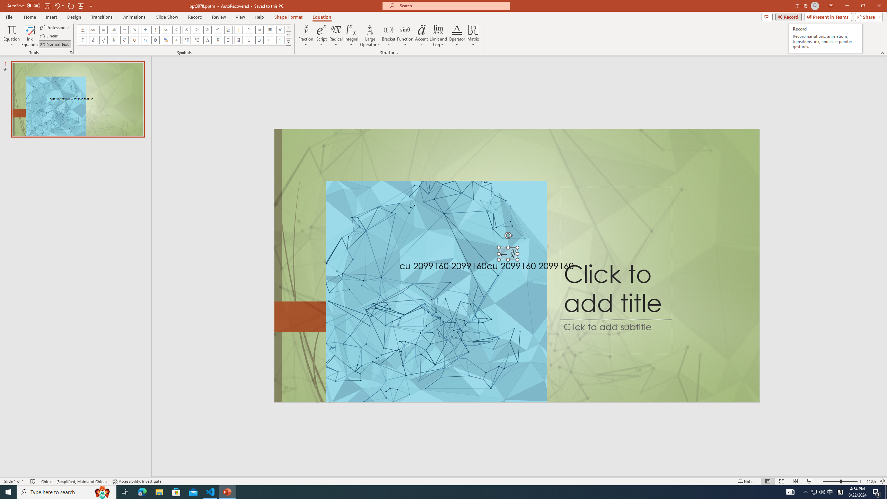 This screenshot has width=887, height=499. What do you see at coordinates (155, 29) in the screenshot?
I see `'Equation Symbol Factorial'` at bounding box center [155, 29].